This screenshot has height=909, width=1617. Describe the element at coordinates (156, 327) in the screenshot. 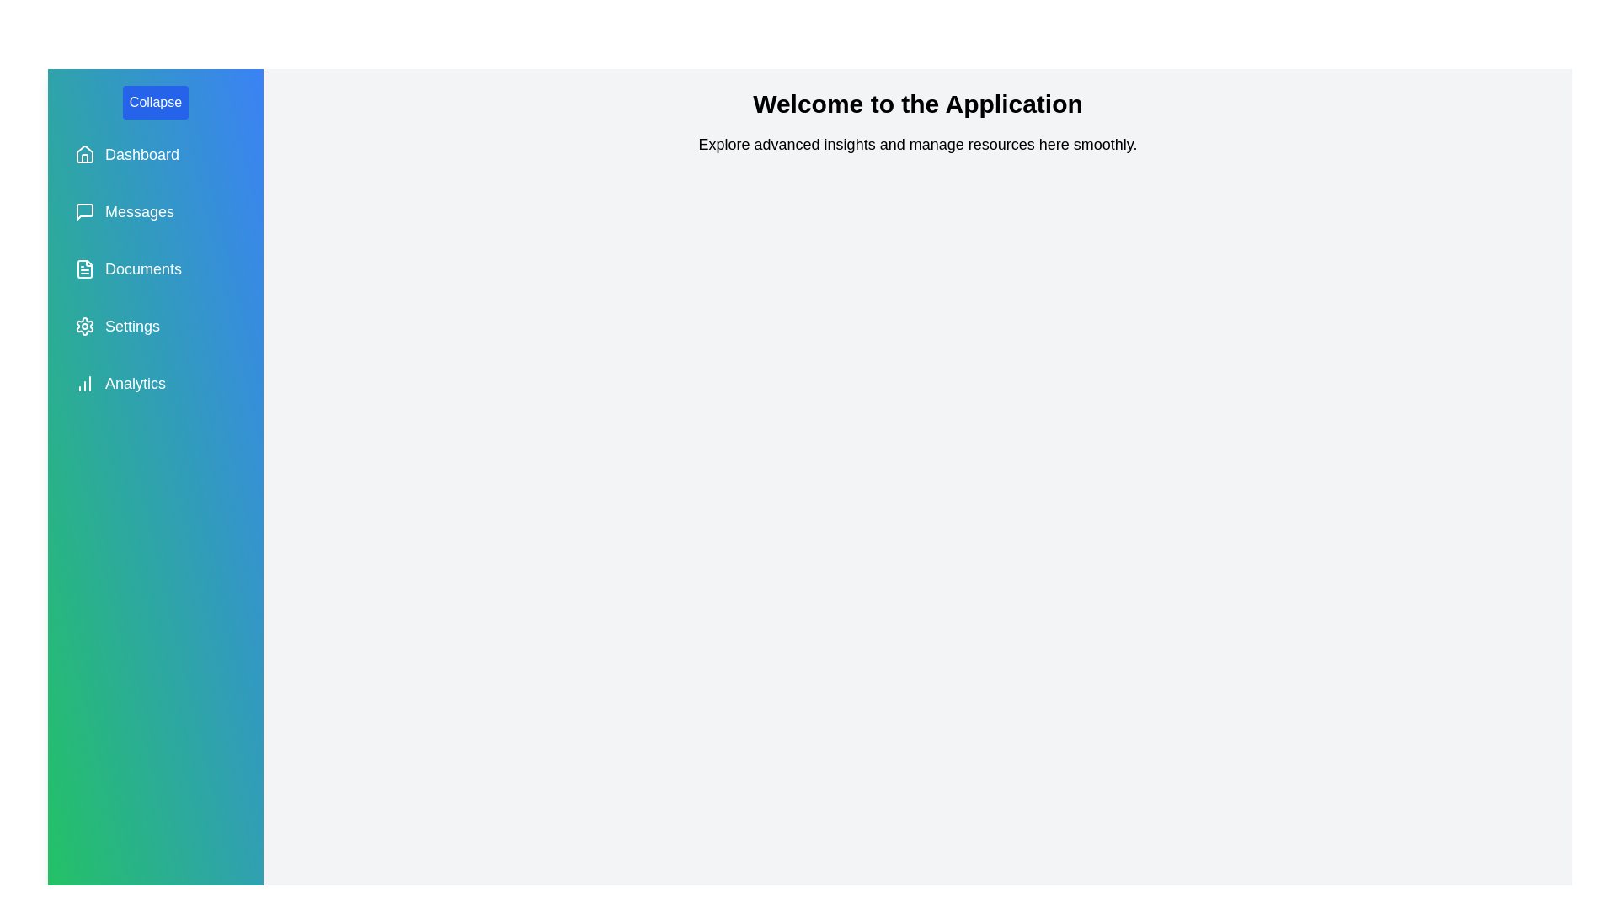

I see `the navigation option Settings to navigate to the respective section` at that location.